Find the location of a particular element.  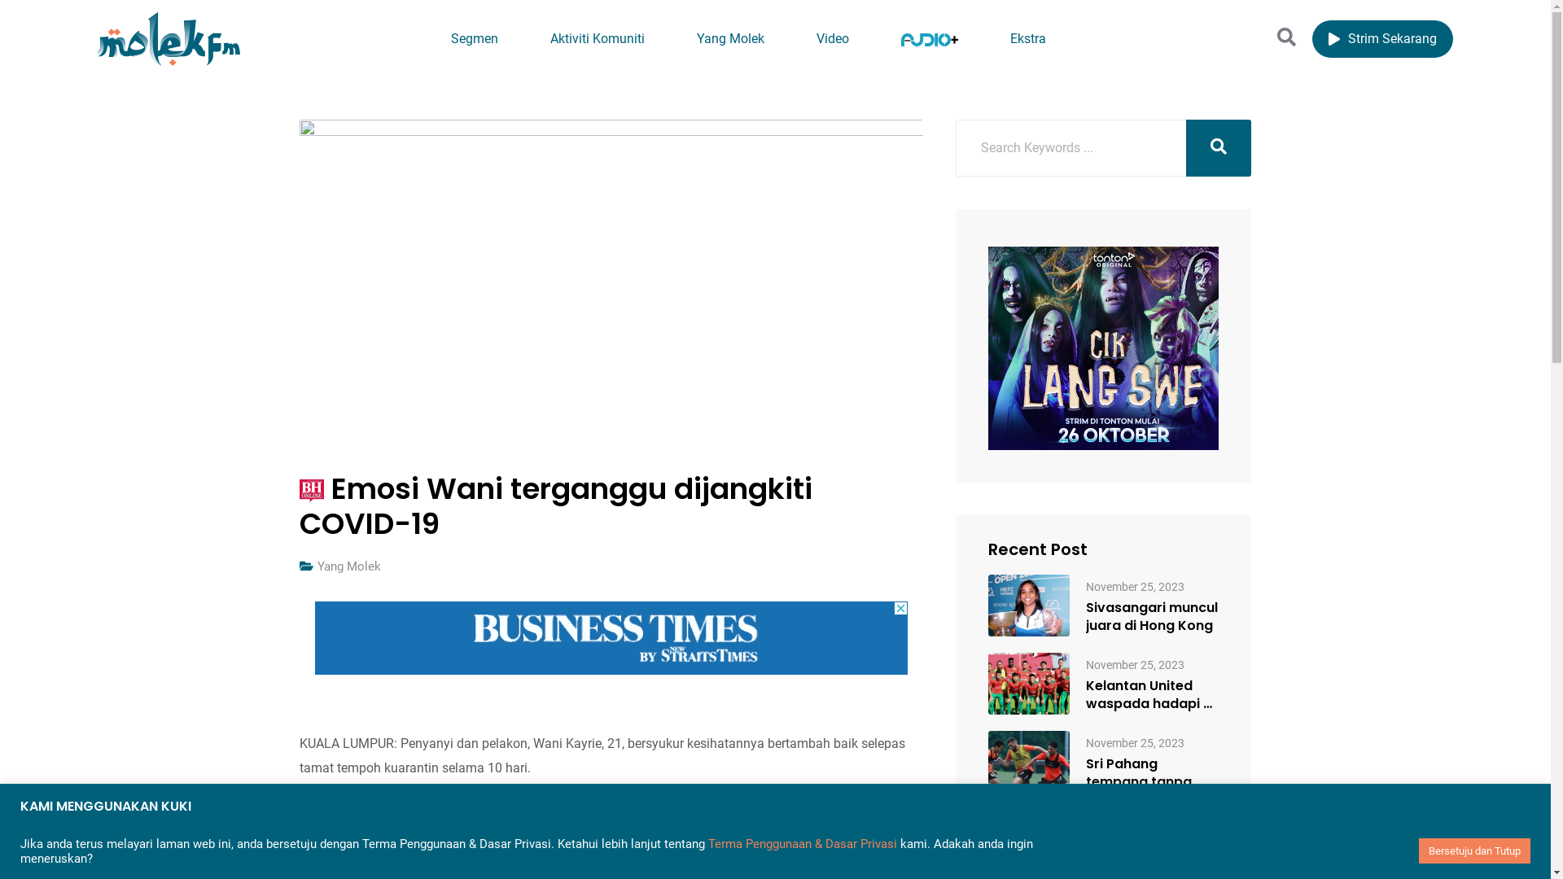

' Kim Swee idam tamatkan liga di kedudukan lebih baik' is located at coordinates (1027, 840).